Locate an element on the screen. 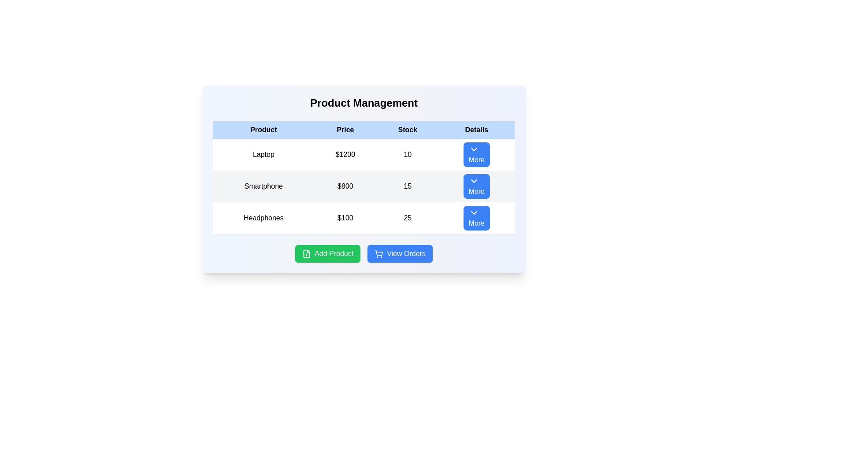 This screenshot has height=476, width=846. the price label displaying the product 'Headphones' located in the second column of the third row in the pricing table is located at coordinates (345, 218).